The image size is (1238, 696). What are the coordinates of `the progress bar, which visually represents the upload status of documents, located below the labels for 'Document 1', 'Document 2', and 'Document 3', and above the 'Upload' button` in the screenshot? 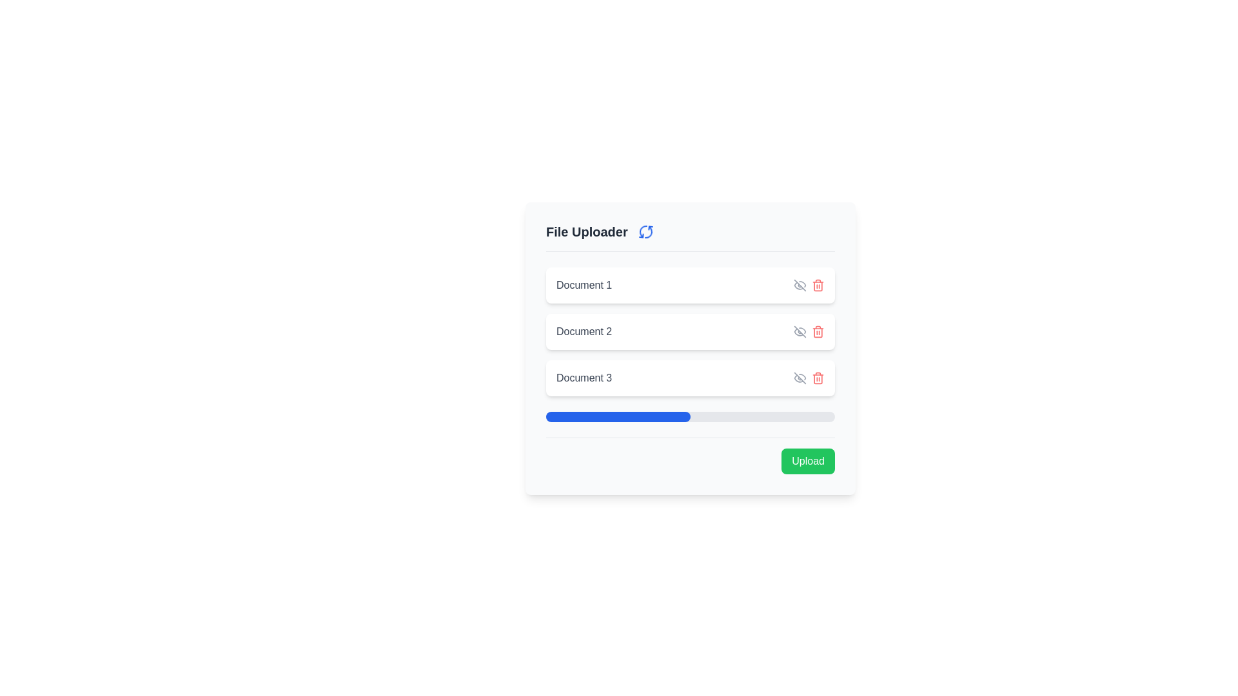 It's located at (689, 417).